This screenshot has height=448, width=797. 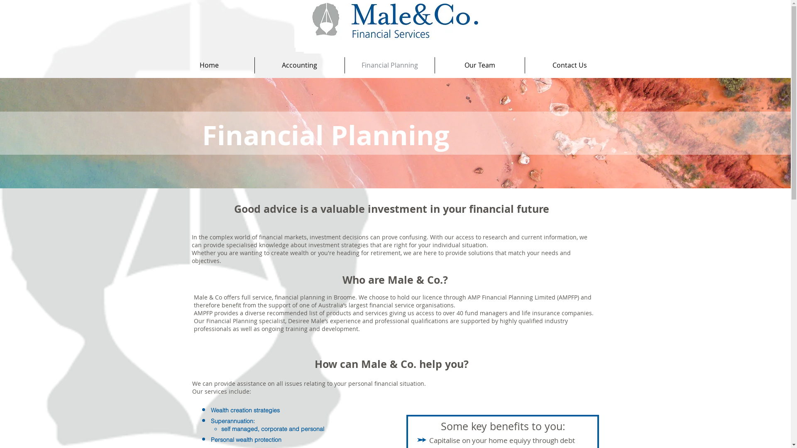 I want to click on 'Accounting', so click(x=299, y=65).